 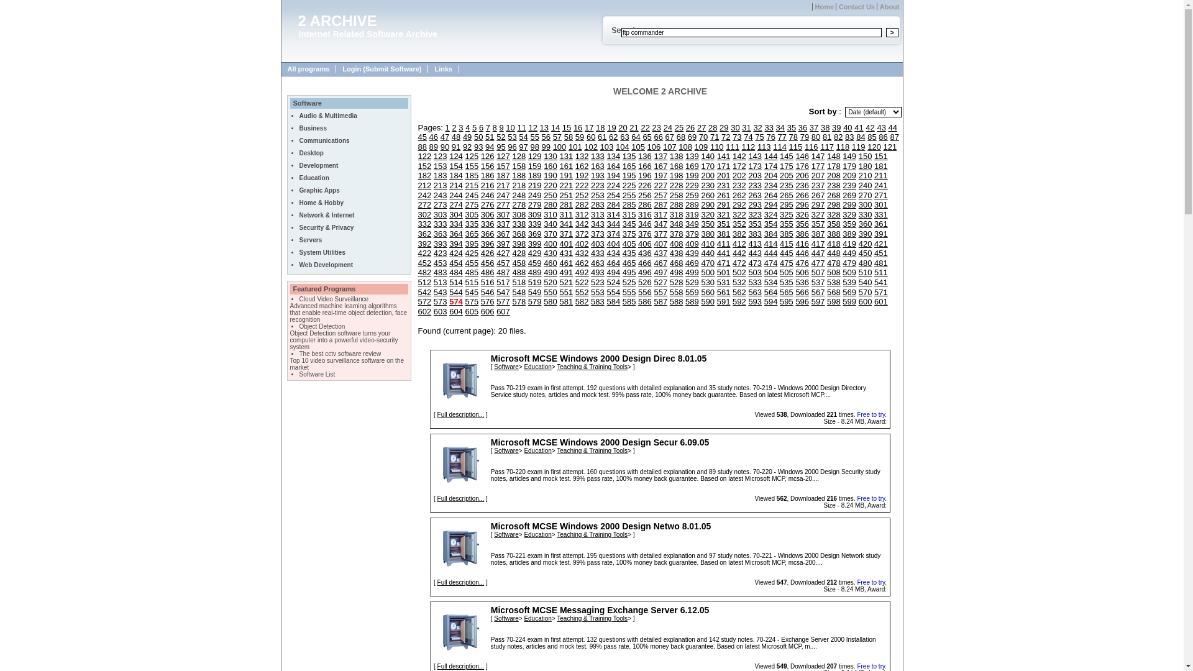 What do you see at coordinates (299, 165) in the screenshot?
I see `'Development'` at bounding box center [299, 165].